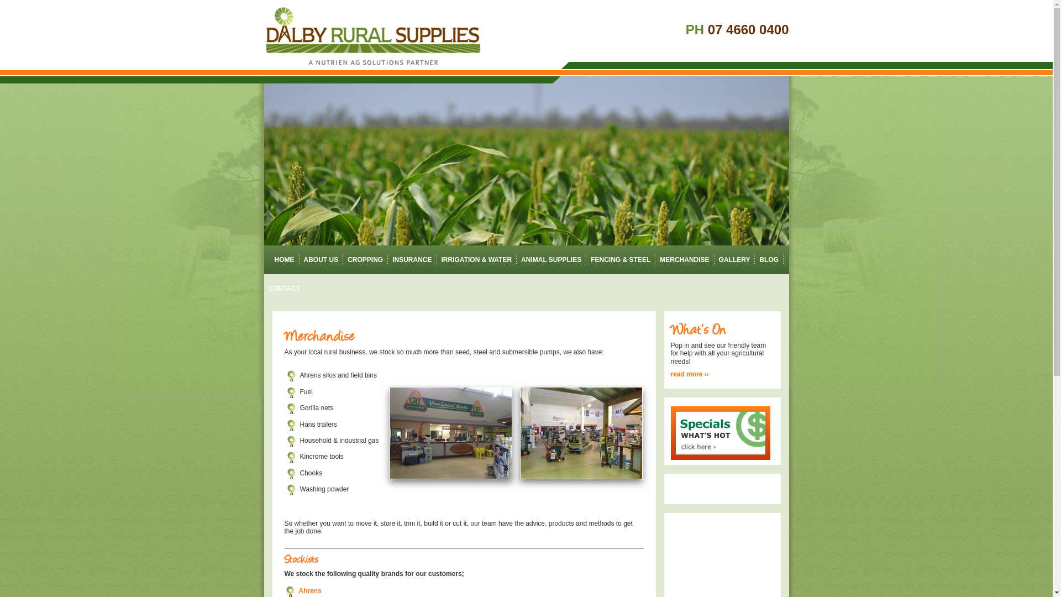 The image size is (1061, 597). I want to click on 'CROPPING', so click(365, 260).